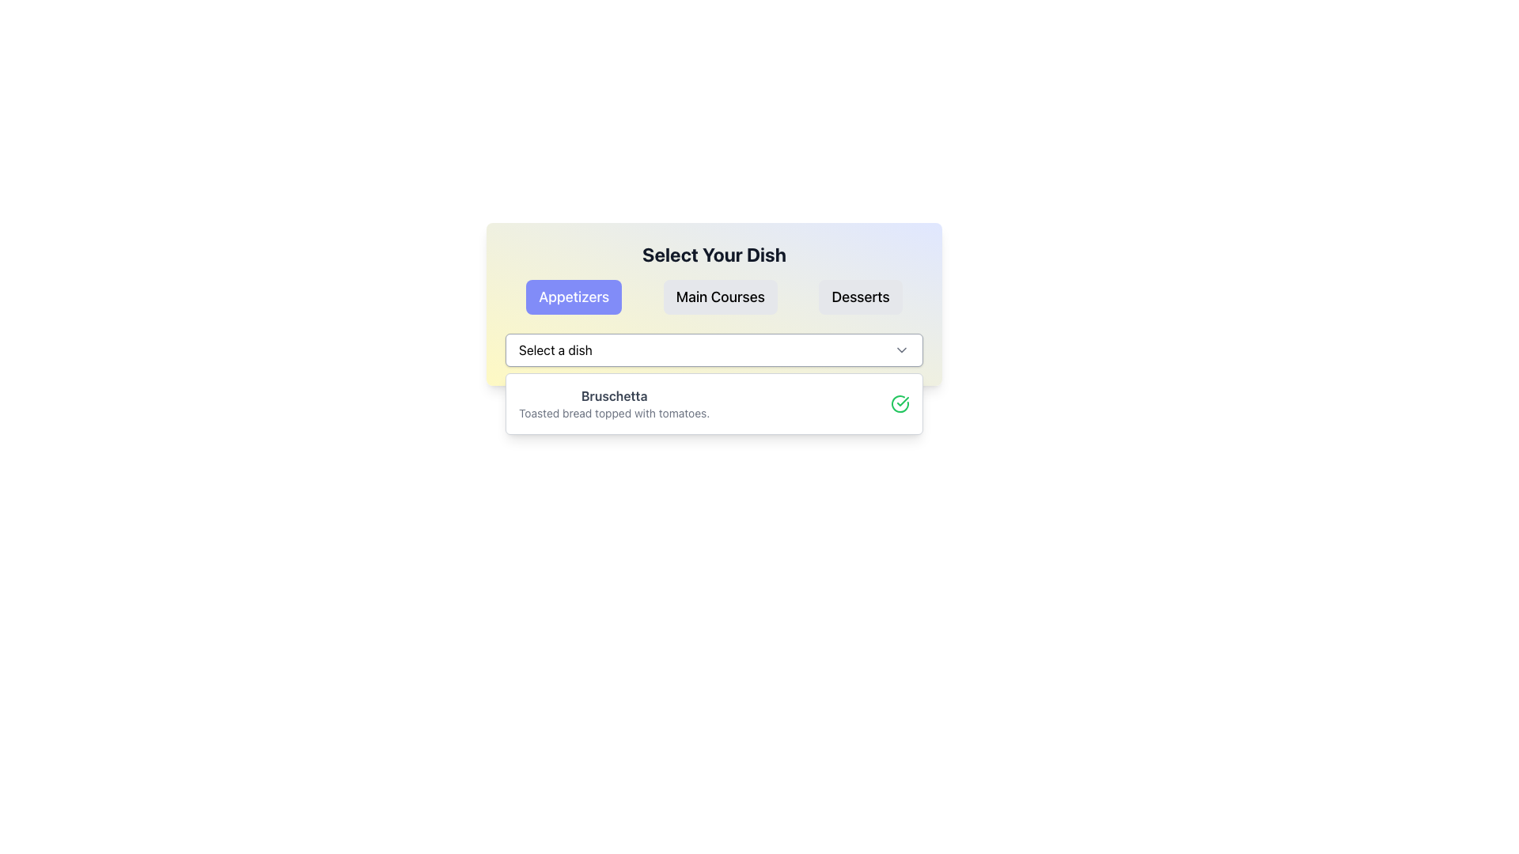 The image size is (1519, 854). I want to click on the dropdown menu labeled 'Select a dish', so click(713, 350).